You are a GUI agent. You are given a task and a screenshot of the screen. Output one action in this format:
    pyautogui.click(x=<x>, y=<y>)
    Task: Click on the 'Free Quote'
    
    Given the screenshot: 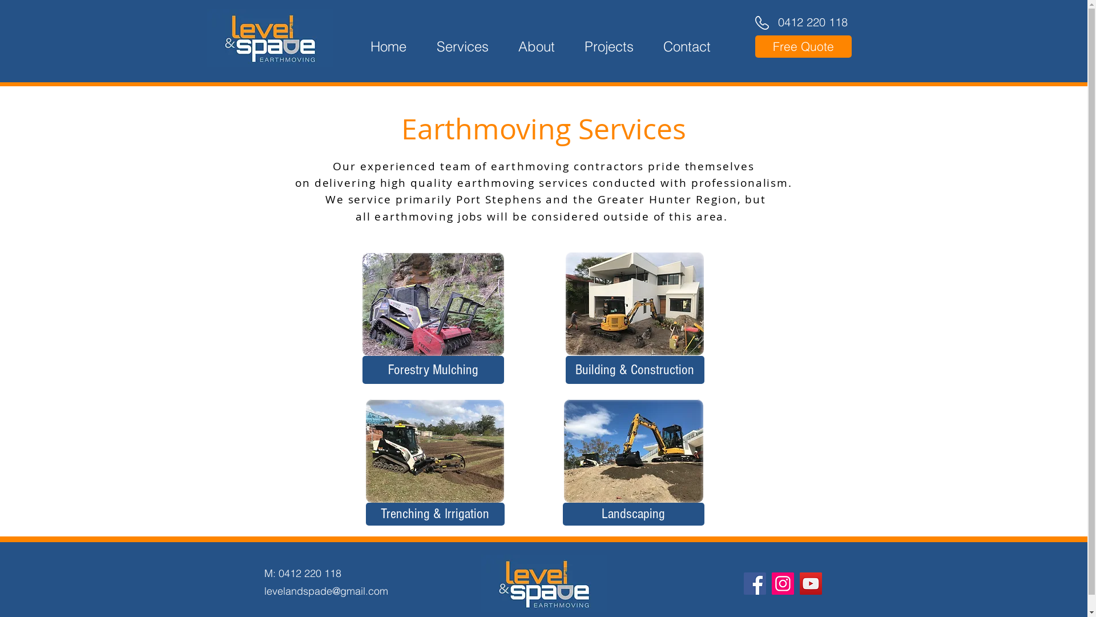 What is the action you would take?
    pyautogui.click(x=802, y=46)
    